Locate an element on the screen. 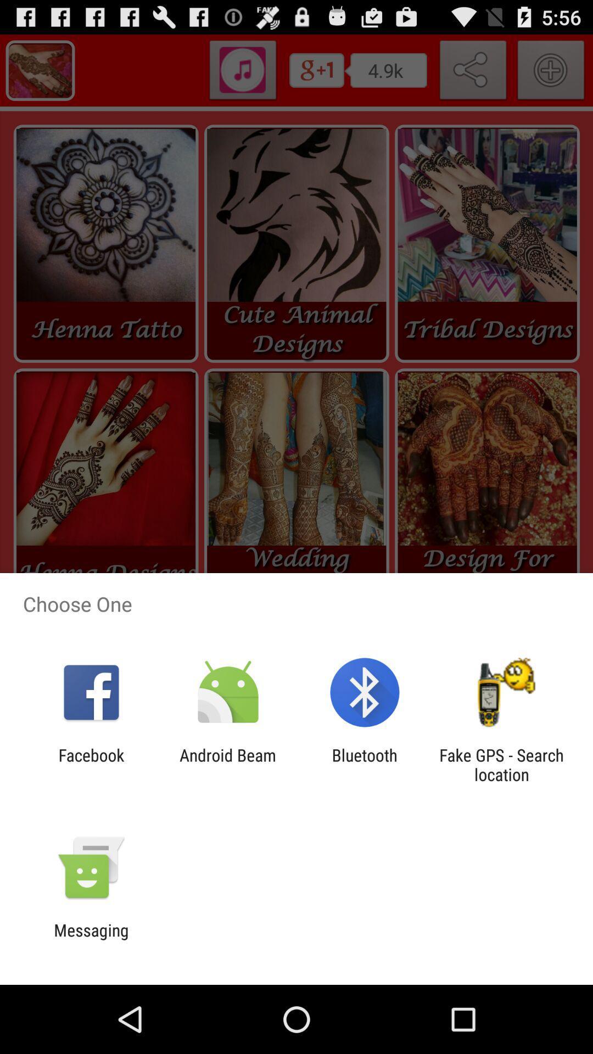 Image resolution: width=593 pixels, height=1054 pixels. the item to the left of fake gps search item is located at coordinates (365, 764).